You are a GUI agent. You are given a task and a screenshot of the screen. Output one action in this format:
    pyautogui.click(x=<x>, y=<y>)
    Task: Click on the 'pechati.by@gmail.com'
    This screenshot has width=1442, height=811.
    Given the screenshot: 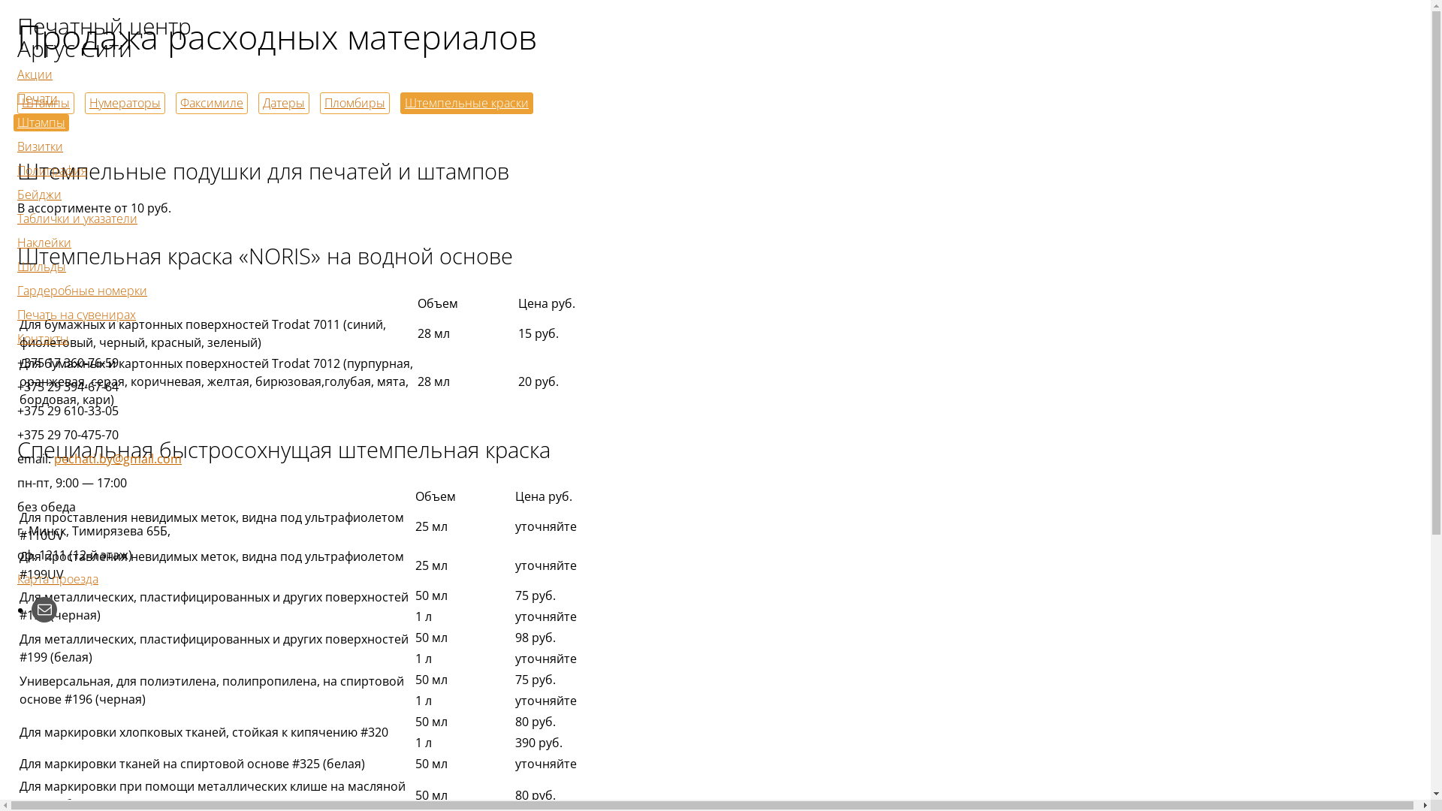 What is the action you would take?
    pyautogui.click(x=117, y=457)
    